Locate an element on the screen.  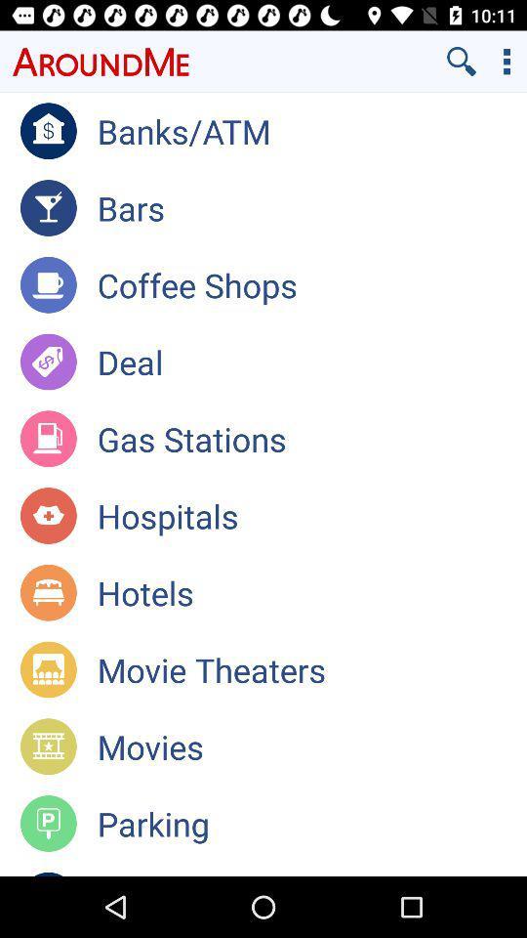
the app above the movies app is located at coordinates (311, 669).